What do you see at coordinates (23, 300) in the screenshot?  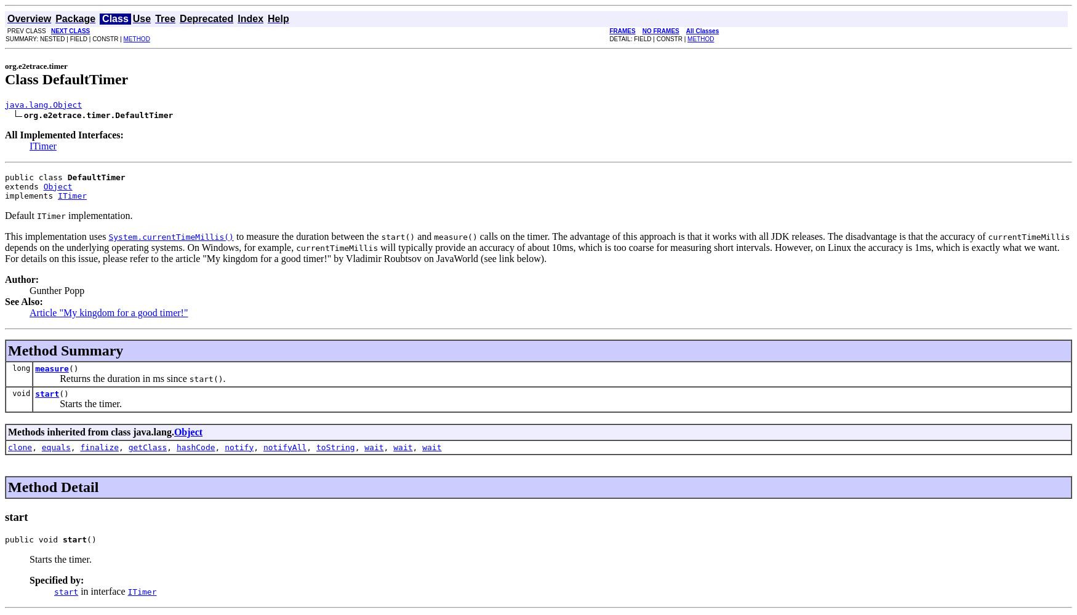 I see `'See Also:'` at bounding box center [23, 300].